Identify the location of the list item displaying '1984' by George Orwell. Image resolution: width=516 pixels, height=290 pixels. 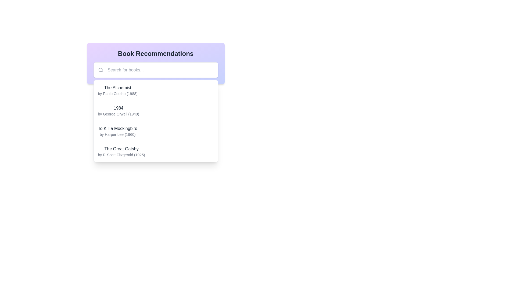
(155, 110).